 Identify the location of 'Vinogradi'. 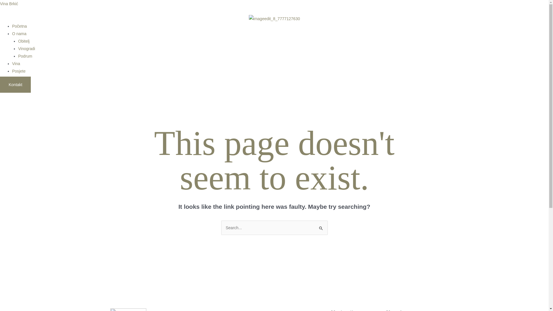
(26, 48).